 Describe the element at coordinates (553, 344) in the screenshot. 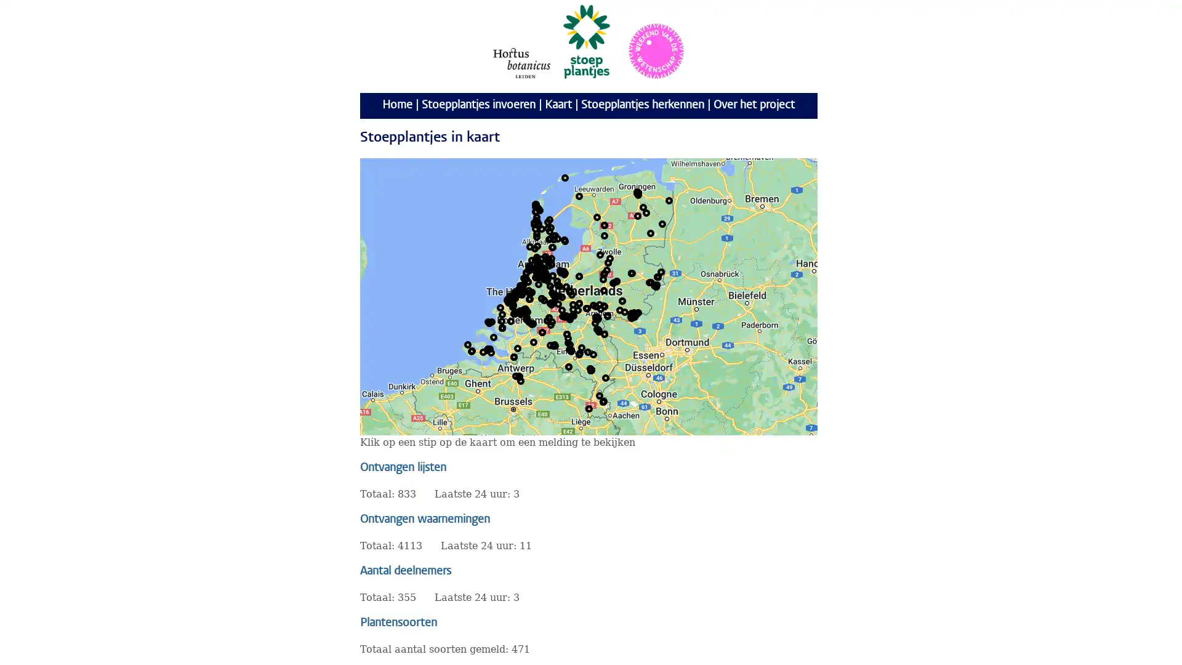

I see `Telling van Geert op 17 januari 2022` at that location.